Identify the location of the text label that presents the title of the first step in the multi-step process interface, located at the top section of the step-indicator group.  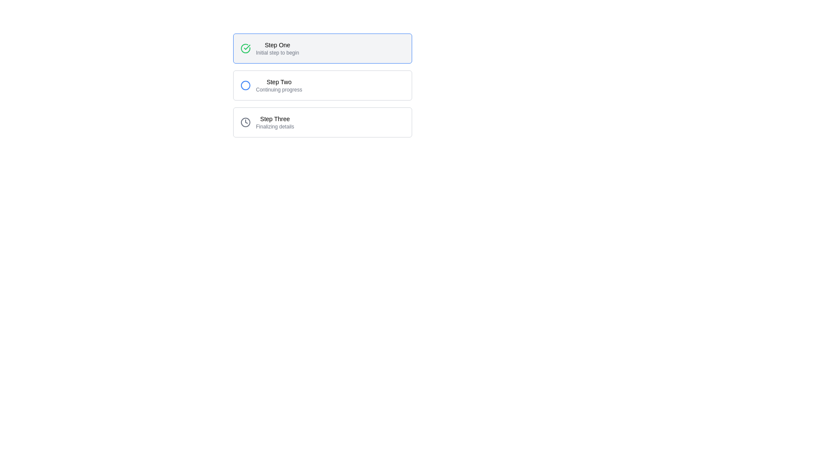
(277, 45).